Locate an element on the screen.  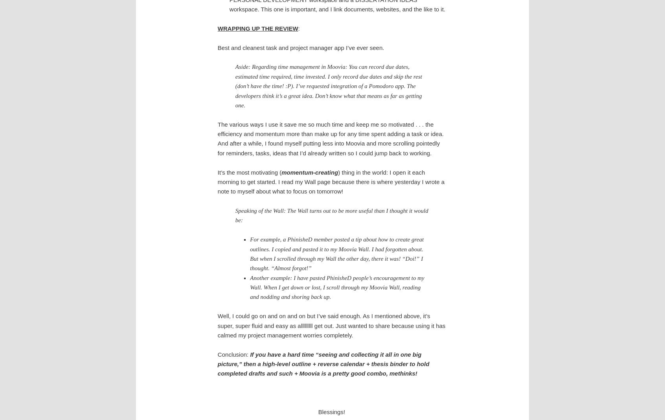
'Another example: I have pasted PhinisheD people’s encouragement to my Wall. When I get down or lost, I scroll through my Moovia Wall, reading and nodding and shoring back up.' is located at coordinates (336, 287).